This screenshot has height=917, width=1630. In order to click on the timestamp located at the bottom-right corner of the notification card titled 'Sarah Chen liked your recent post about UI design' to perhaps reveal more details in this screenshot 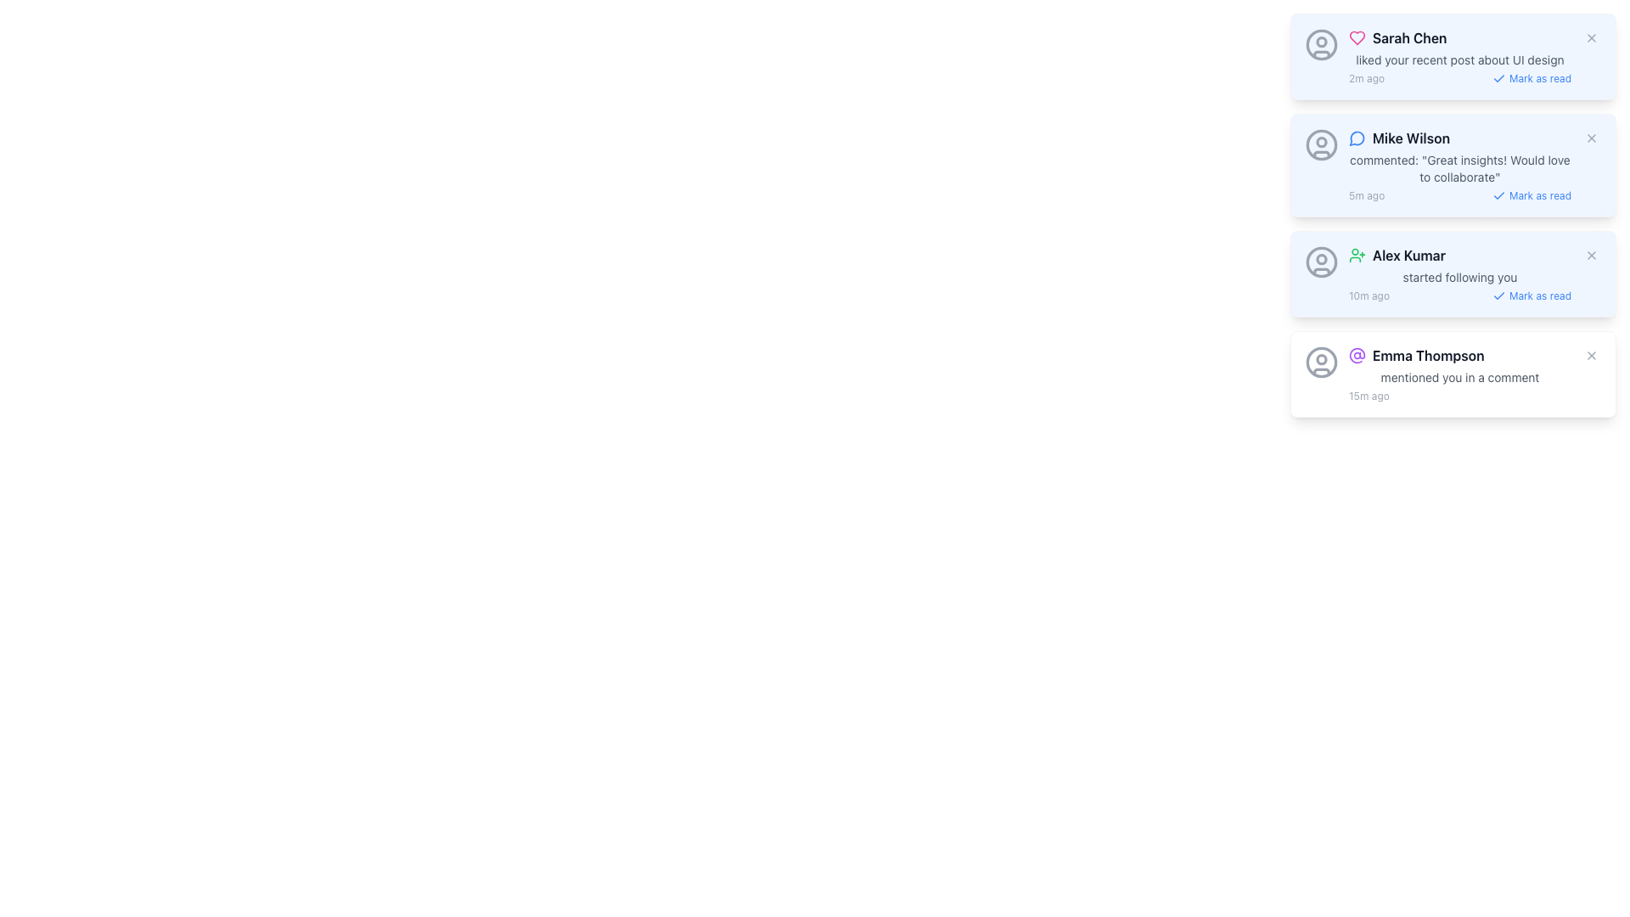, I will do `click(1459, 78)`.